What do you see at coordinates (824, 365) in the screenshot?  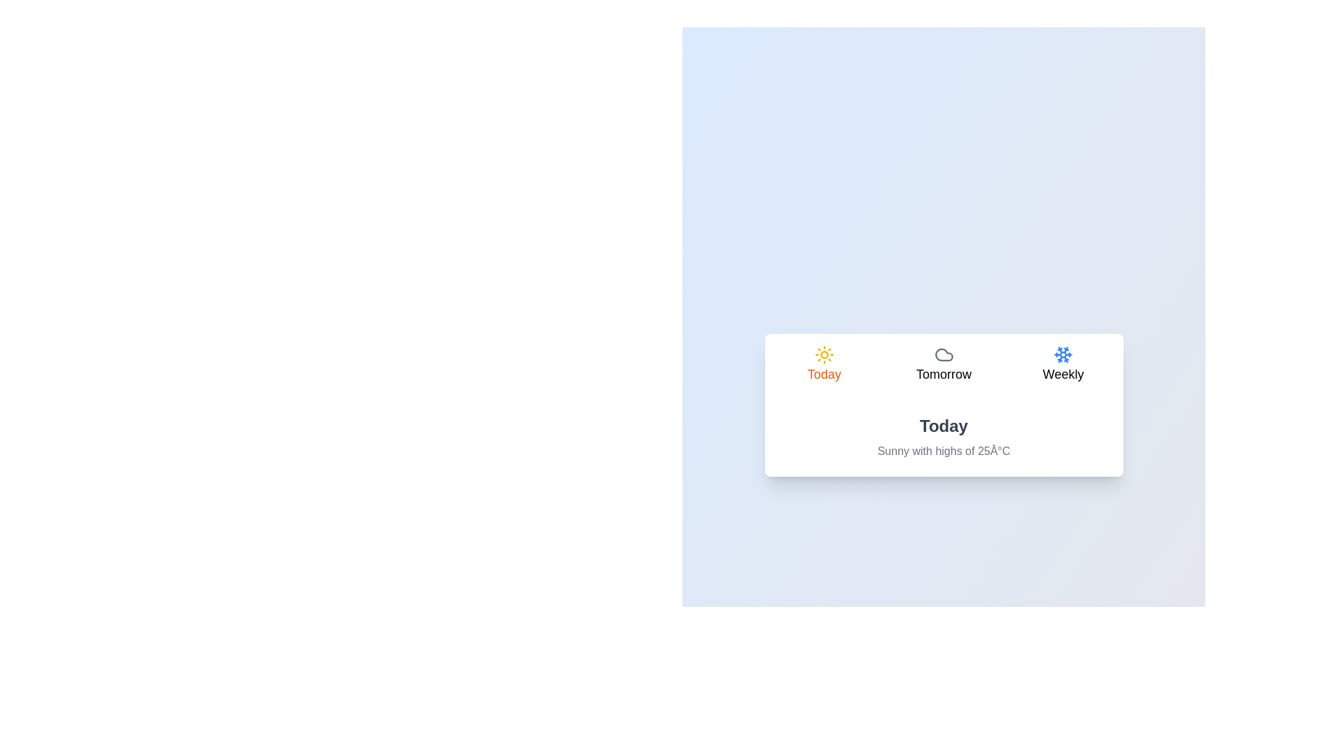 I see `the Today tab to view its weather forecast` at bounding box center [824, 365].